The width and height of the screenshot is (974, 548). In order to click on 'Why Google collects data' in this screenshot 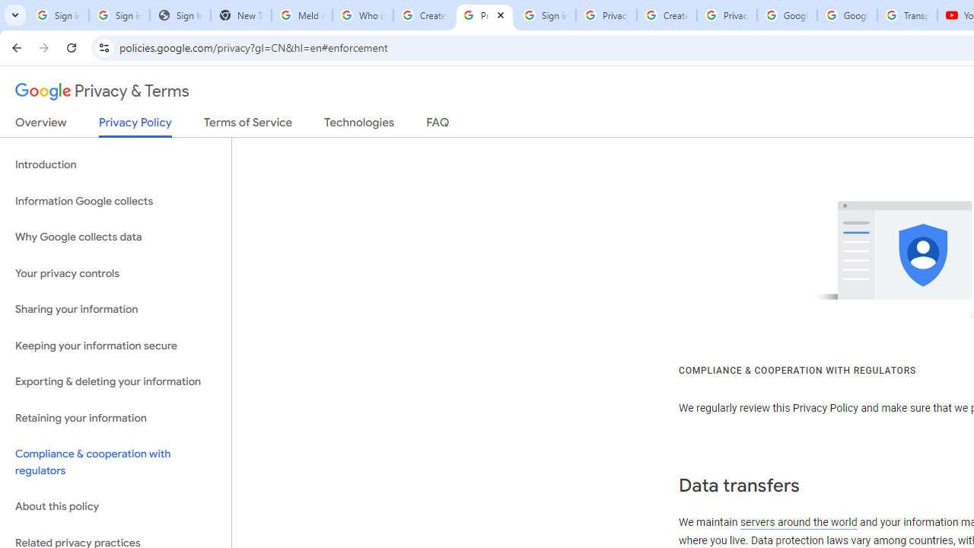, I will do `click(115, 237)`.